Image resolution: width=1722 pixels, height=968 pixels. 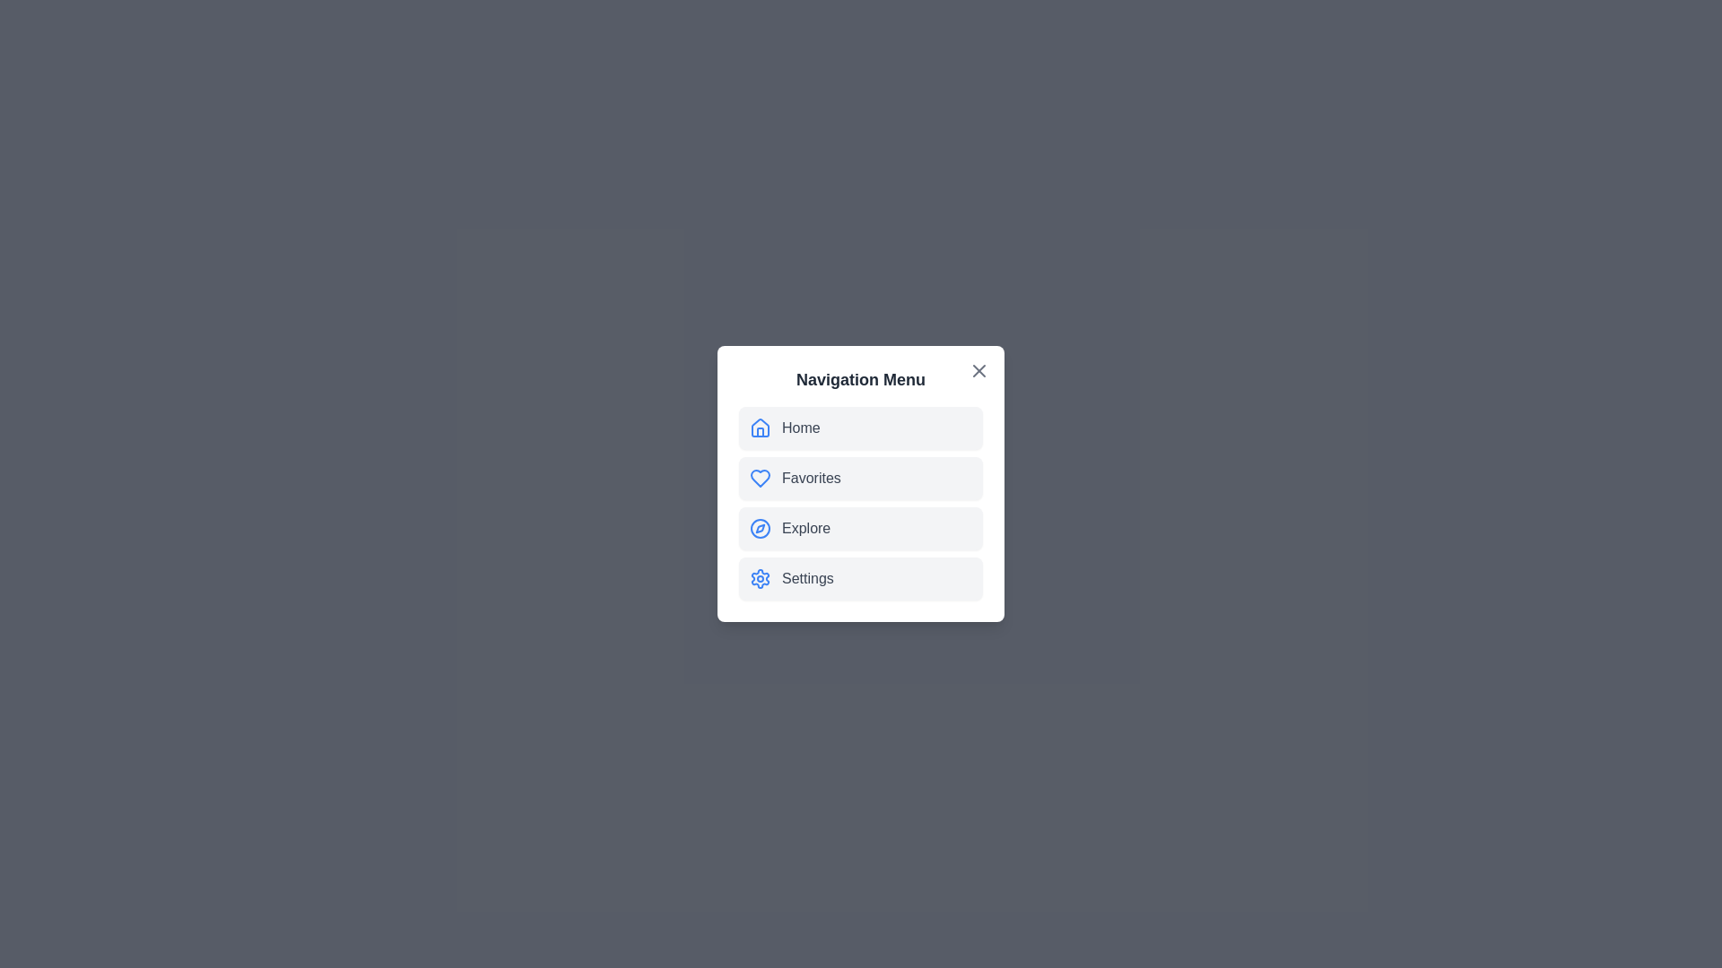 I want to click on the 'Favorites' navigation item, so click(x=861, y=477).